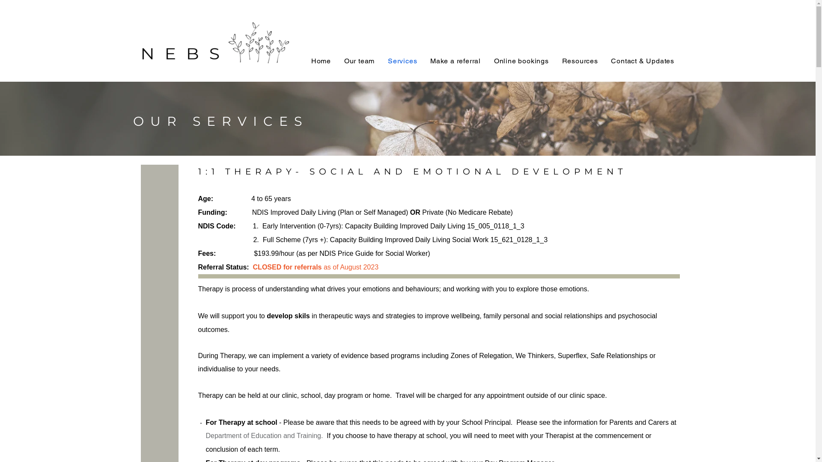 This screenshot has height=462, width=822. What do you see at coordinates (402, 60) in the screenshot?
I see `'Services'` at bounding box center [402, 60].